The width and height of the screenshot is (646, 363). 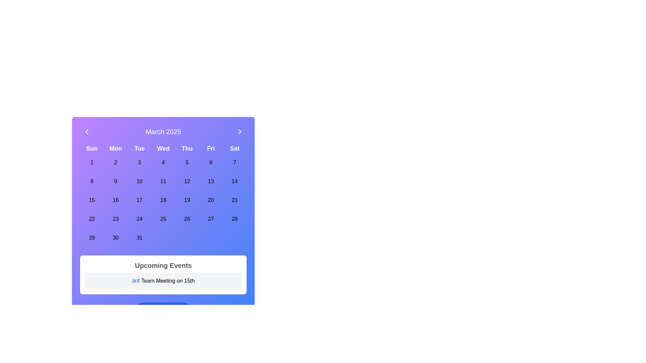 What do you see at coordinates (240, 132) in the screenshot?
I see `the right-facing arrow icon located at the top right corner of the calendar interface titled 'March 2025'` at bounding box center [240, 132].